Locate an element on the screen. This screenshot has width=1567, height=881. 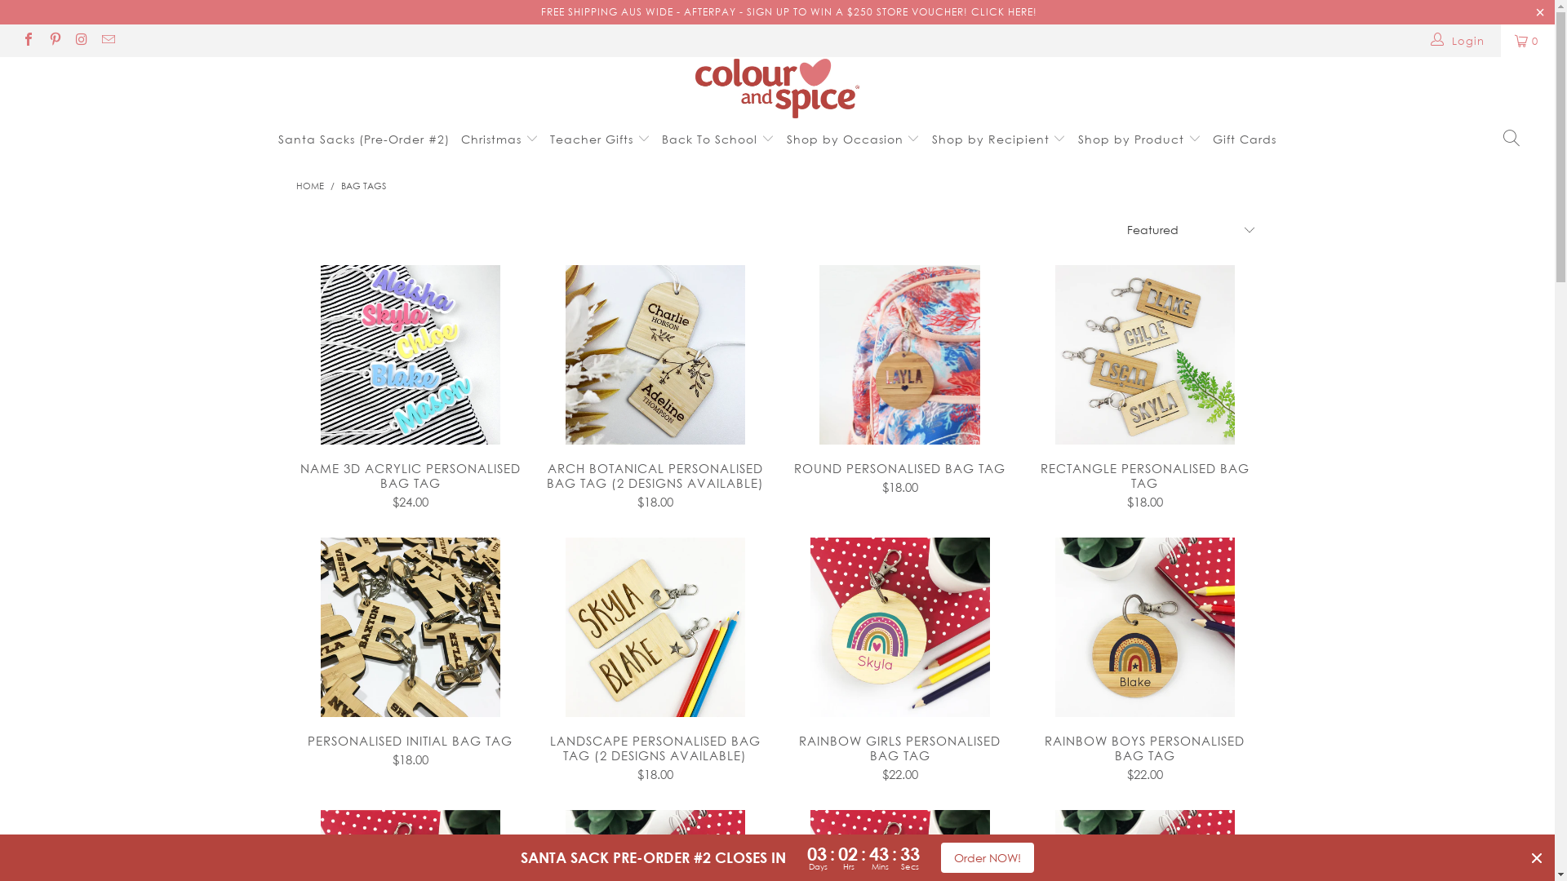
'Christmas' is located at coordinates (499, 137).